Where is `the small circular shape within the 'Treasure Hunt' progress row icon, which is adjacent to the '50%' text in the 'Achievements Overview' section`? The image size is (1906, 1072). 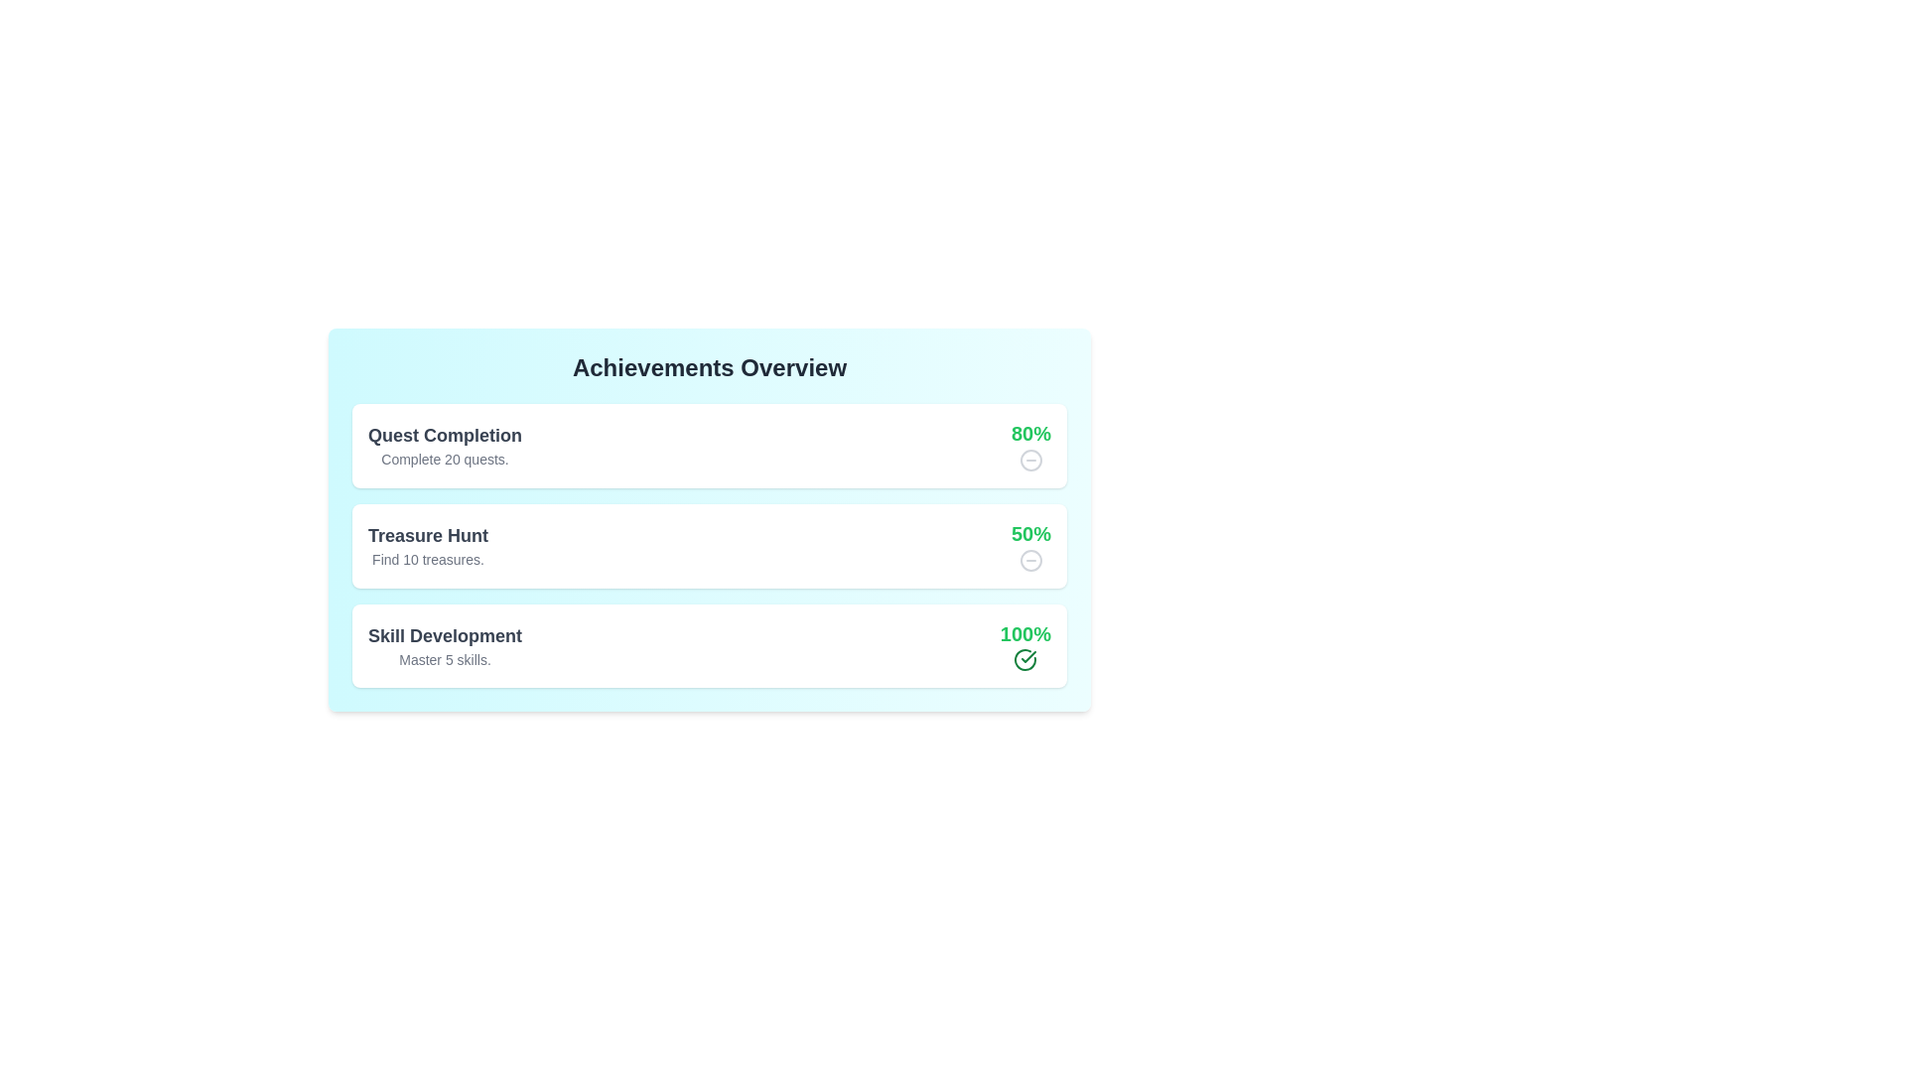 the small circular shape within the 'Treasure Hunt' progress row icon, which is adjacent to the '50%' text in the 'Achievements Overview' section is located at coordinates (1030, 560).